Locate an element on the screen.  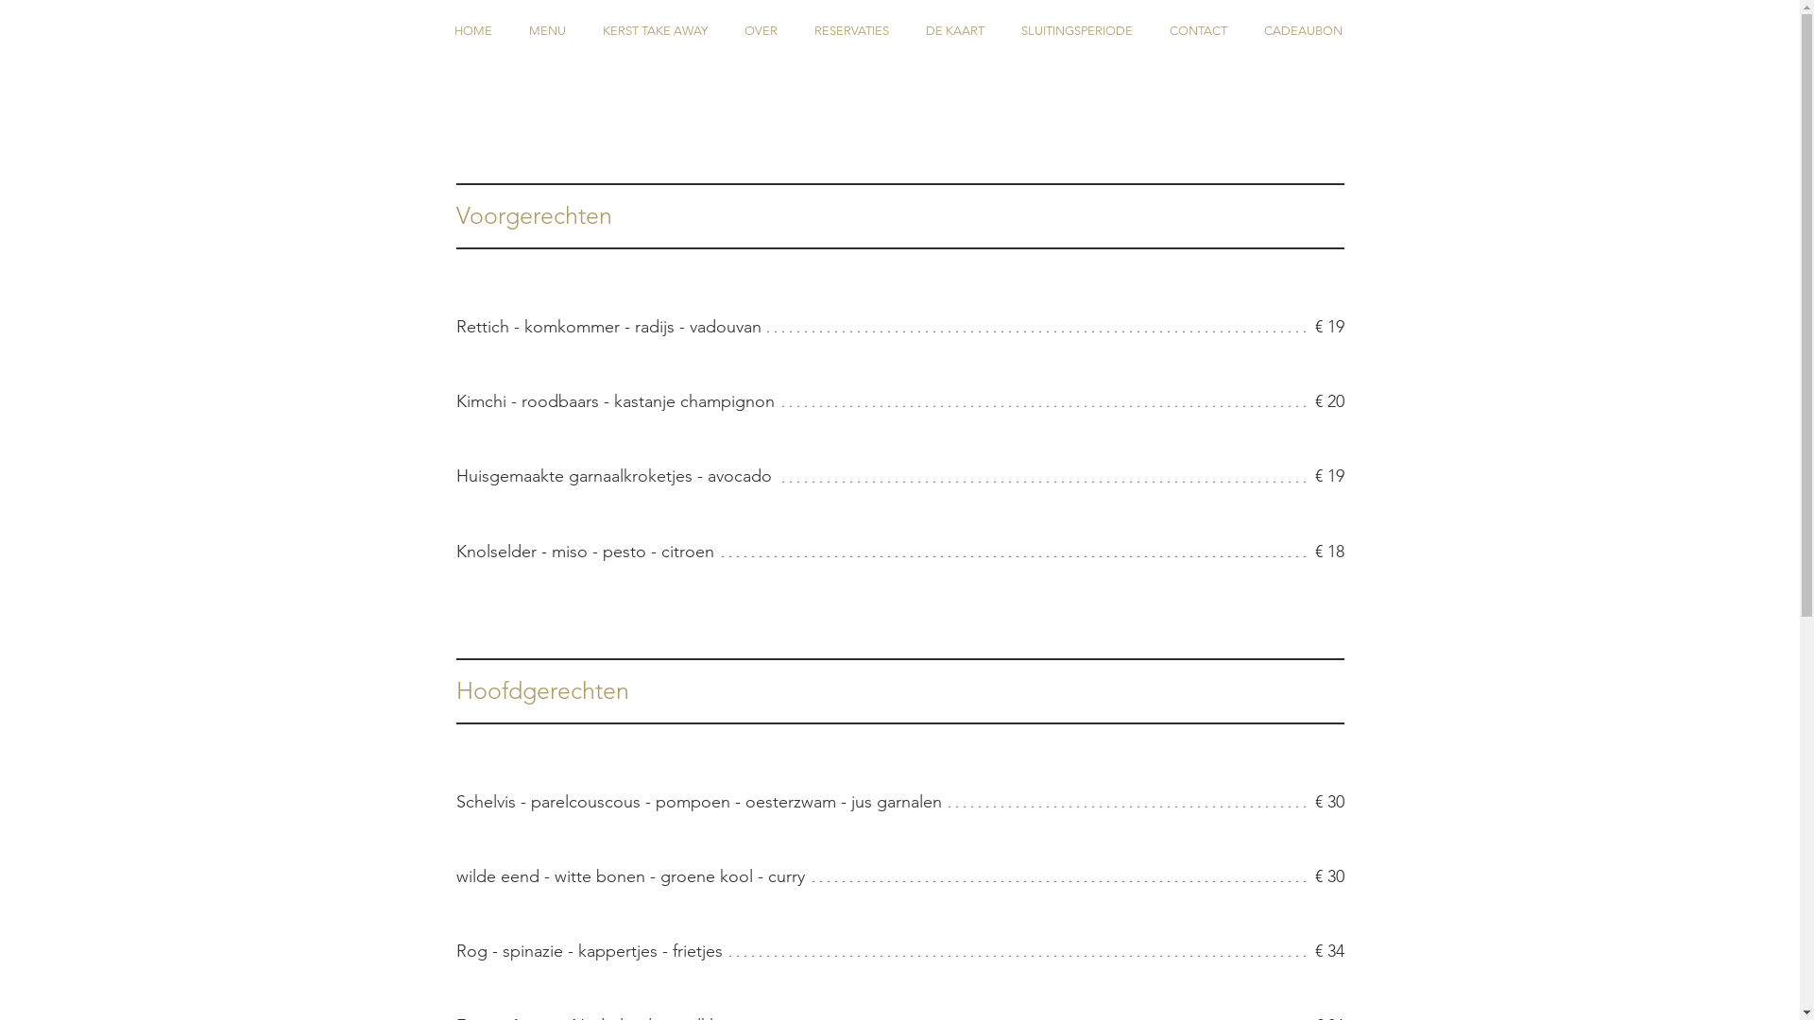
'CONTACT' is located at coordinates (1150, 30).